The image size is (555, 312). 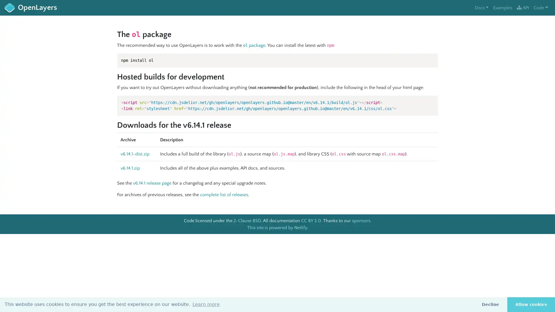 I want to click on Copy, so click(x=425, y=95).